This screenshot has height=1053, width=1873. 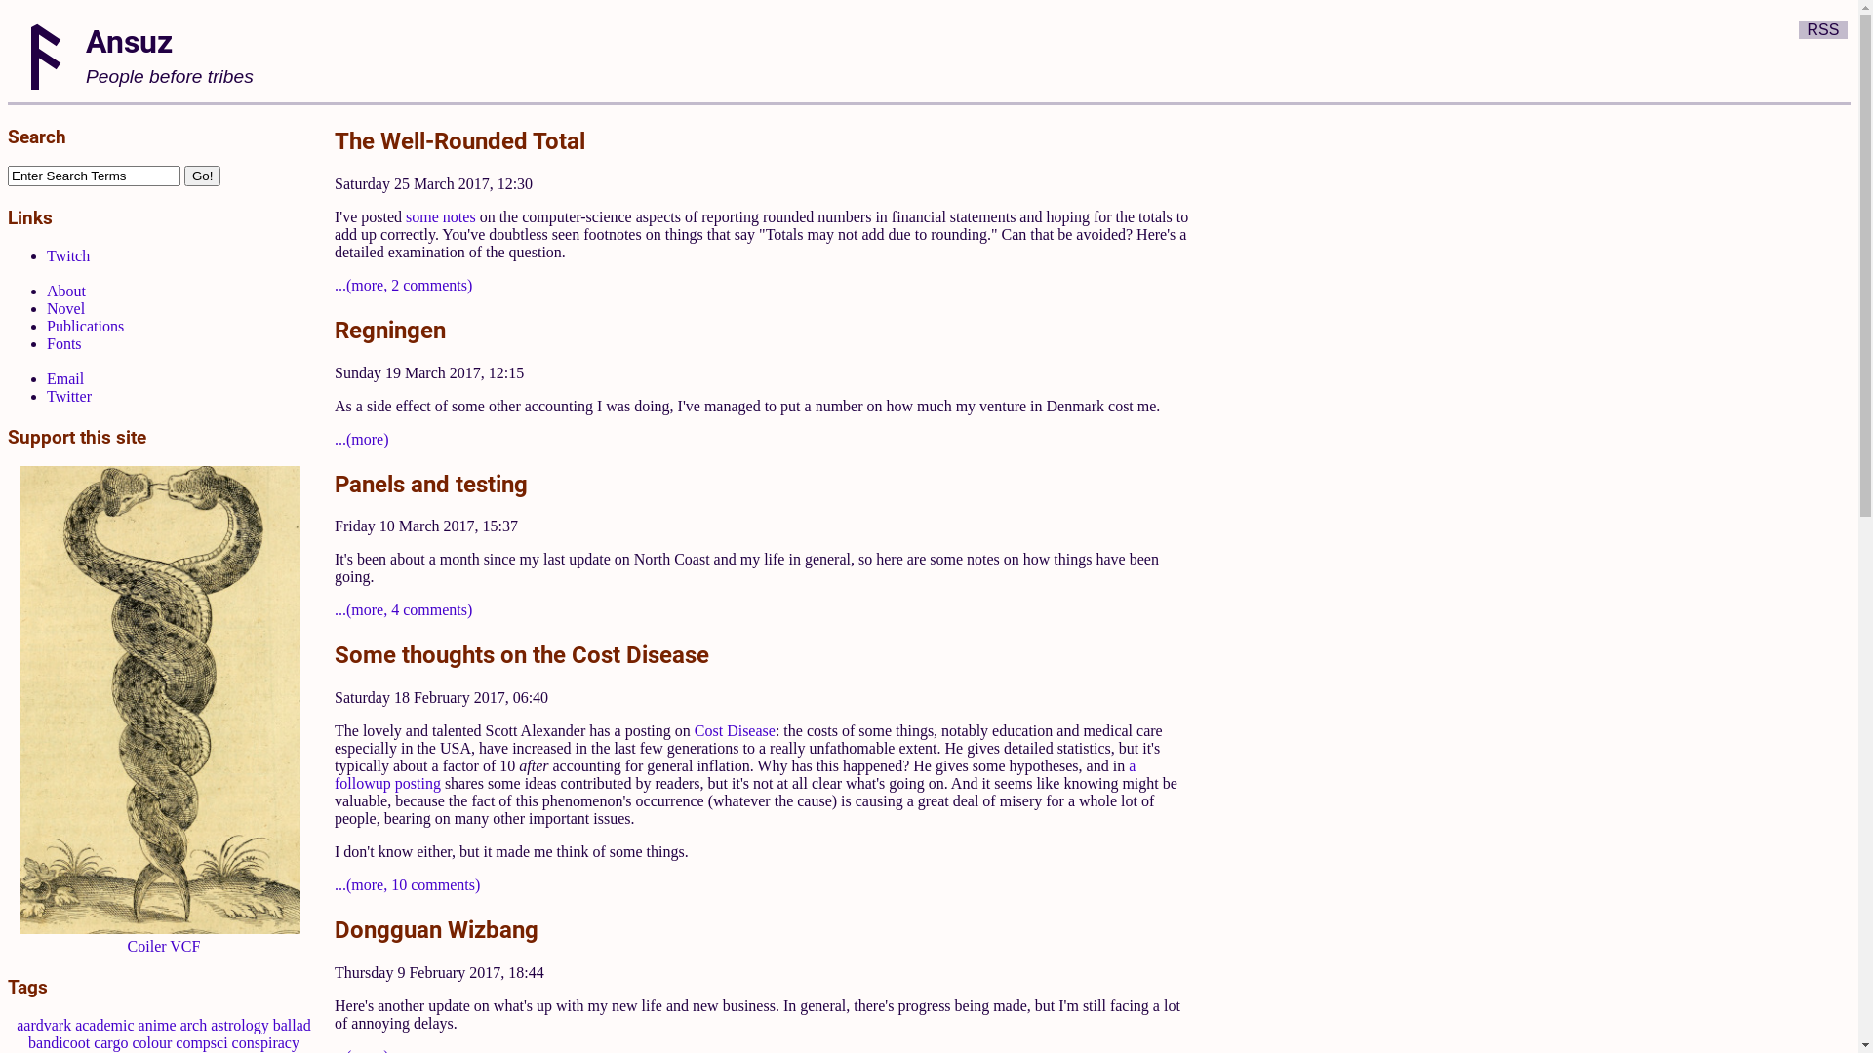 I want to click on '...(more)', so click(x=361, y=439).